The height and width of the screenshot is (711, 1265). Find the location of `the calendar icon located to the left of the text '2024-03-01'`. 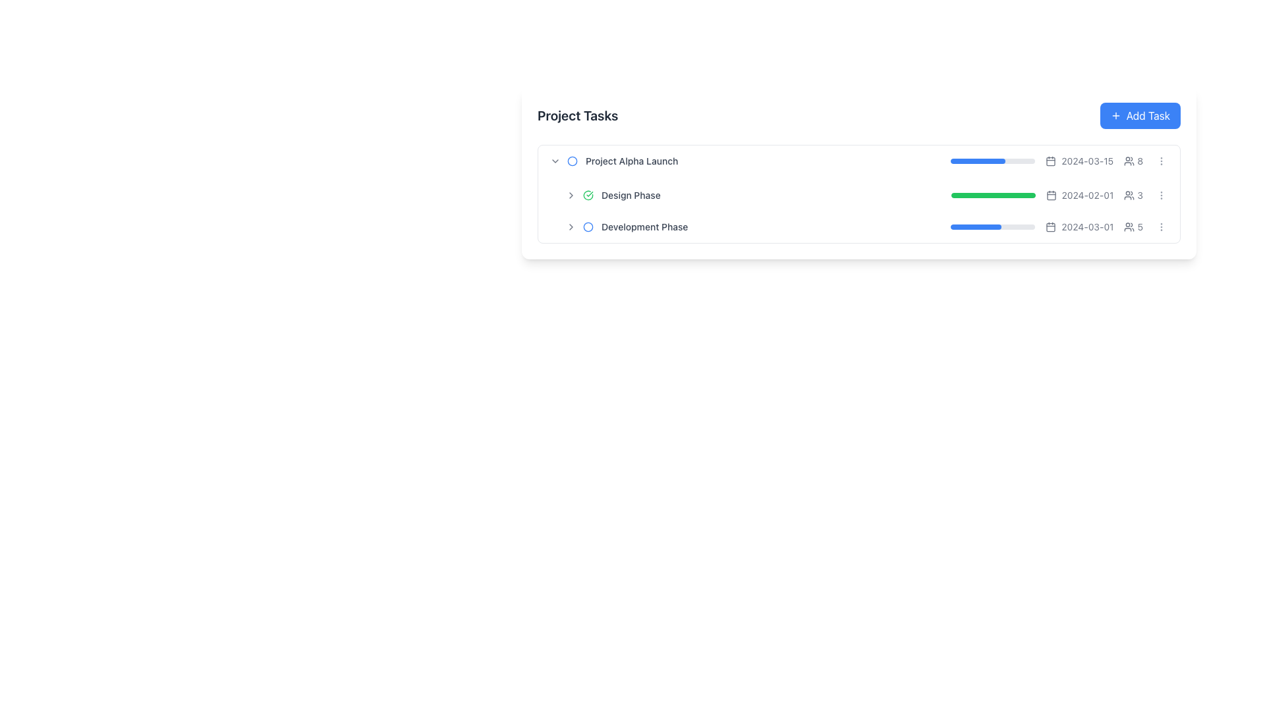

the calendar icon located to the left of the text '2024-03-01' is located at coordinates (1050, 226).